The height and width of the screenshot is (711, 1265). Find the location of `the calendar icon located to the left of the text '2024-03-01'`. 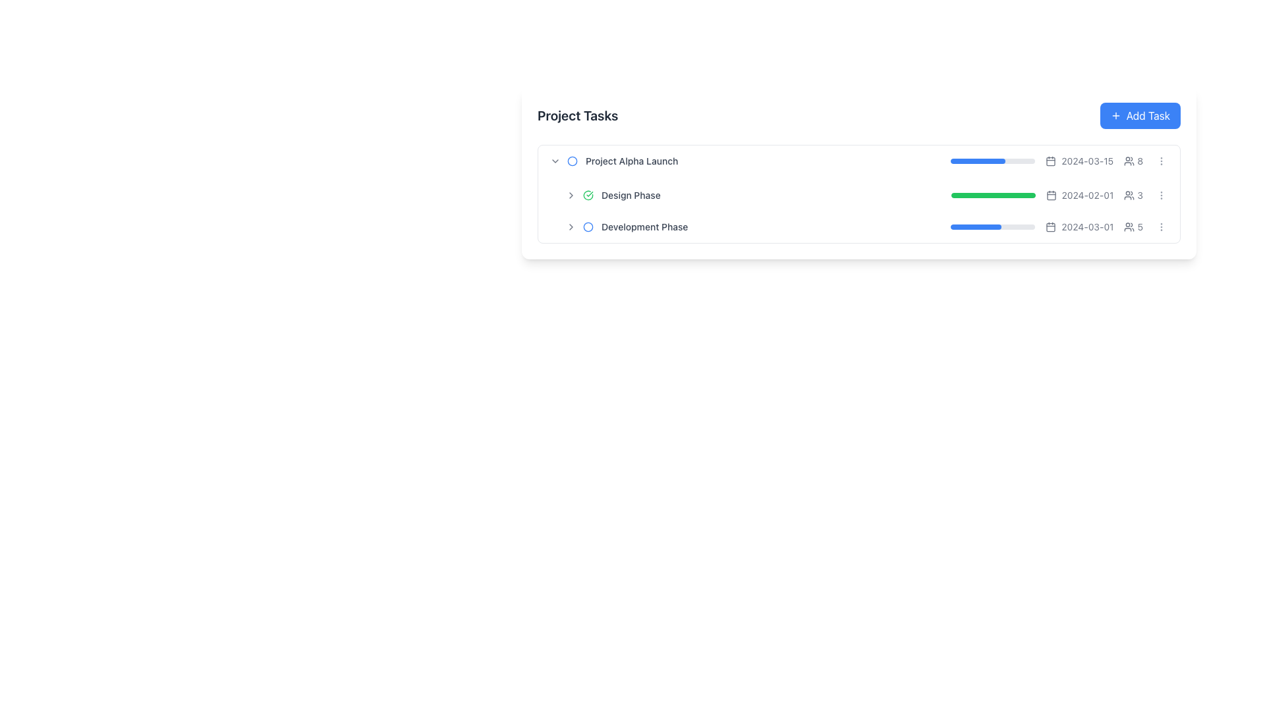

the calendar icon located to the left of the text '2024-03-01' is located at coordinates (1050, 226).